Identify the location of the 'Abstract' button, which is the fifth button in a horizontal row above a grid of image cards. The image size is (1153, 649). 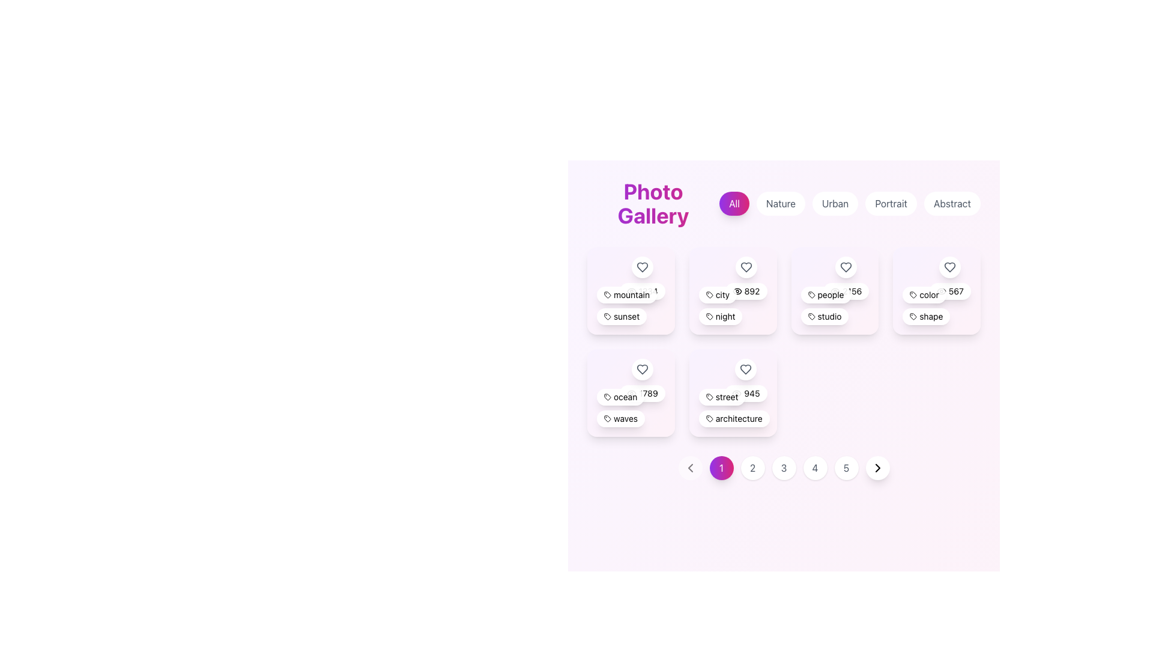
(951, 203).